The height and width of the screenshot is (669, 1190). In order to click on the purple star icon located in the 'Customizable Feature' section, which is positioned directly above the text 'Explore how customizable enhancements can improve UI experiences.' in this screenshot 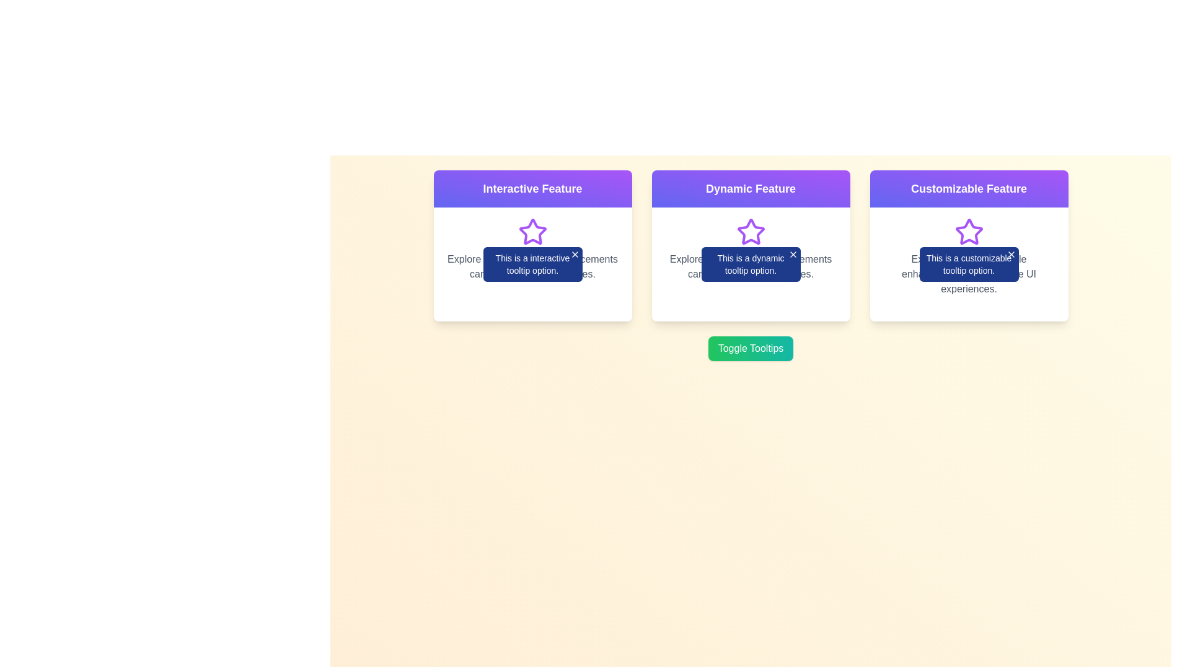, I will do `click(968, 232)`.